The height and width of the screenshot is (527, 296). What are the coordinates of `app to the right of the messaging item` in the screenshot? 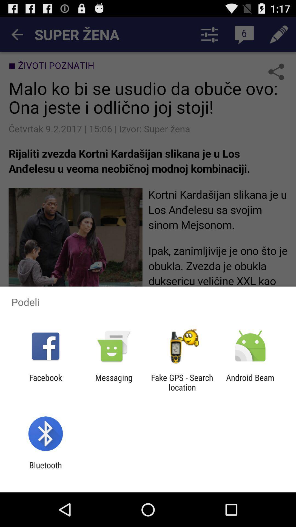 It's located at (182, 382).